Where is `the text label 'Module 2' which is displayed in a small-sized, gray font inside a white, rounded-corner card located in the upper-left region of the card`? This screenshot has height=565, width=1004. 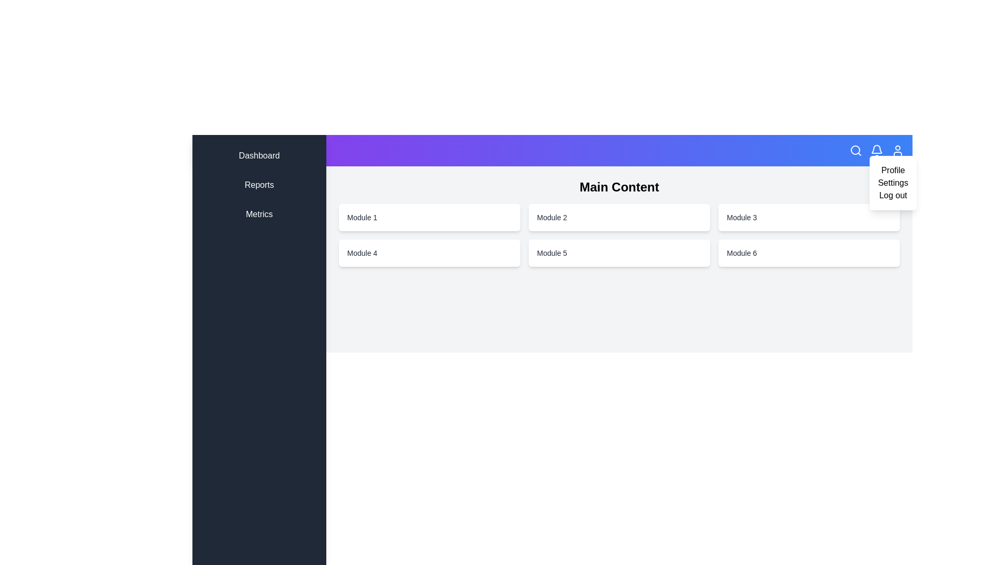 the text label 'Module 2' which is displayed in a small-sized, gray font inside a white, rounded-corner card located in the upper-left region of the card is located at coordinates (551, 217).